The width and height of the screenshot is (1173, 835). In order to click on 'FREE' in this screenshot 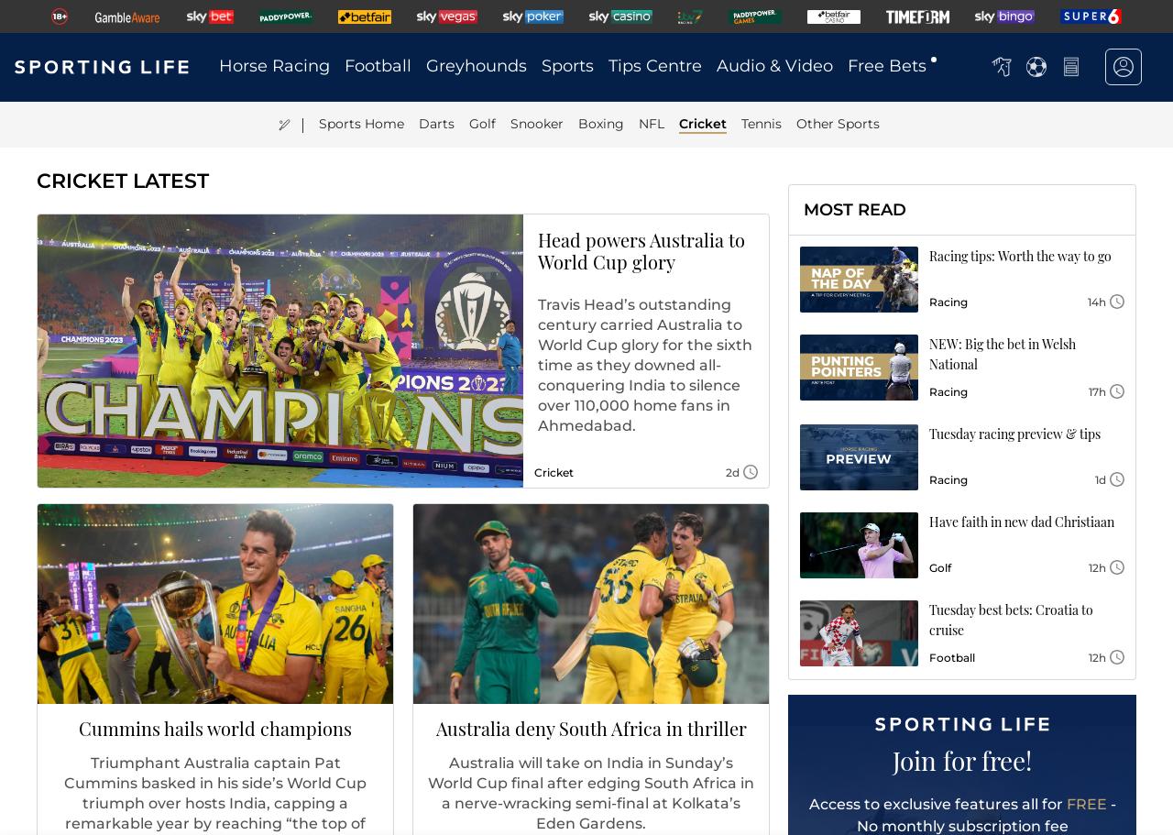, I will do `click(1086, 803)`.